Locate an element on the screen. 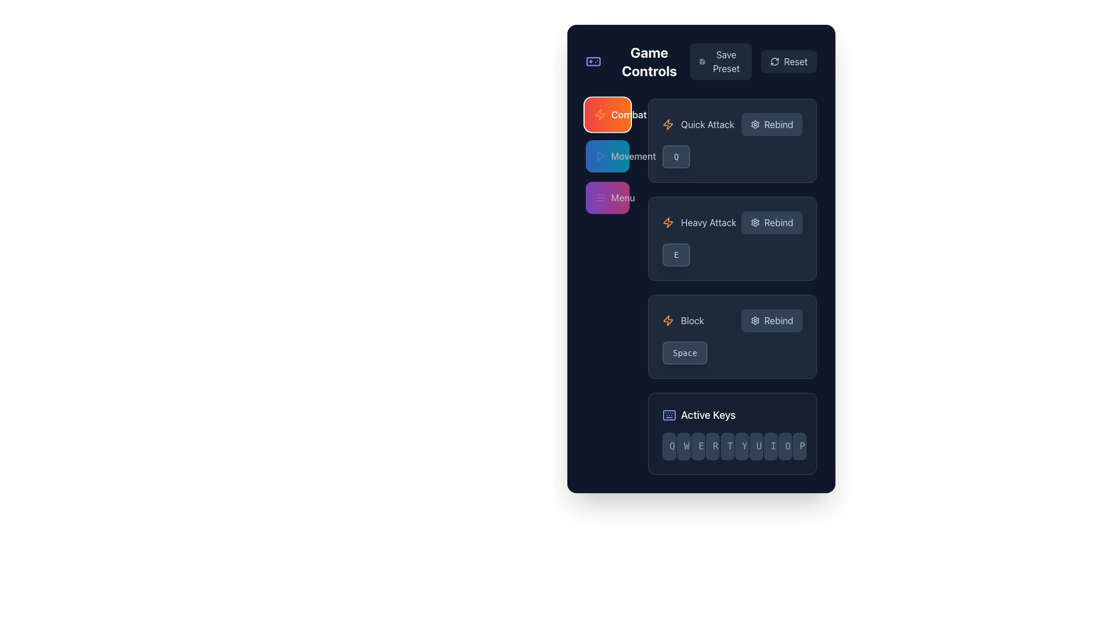 This screenshot has width=1107, height=623. the lightning bolt icon, which is orange with sharp edges, located next to the 'Combat' label in the left section of the interface is located at coordinates (668, 320).